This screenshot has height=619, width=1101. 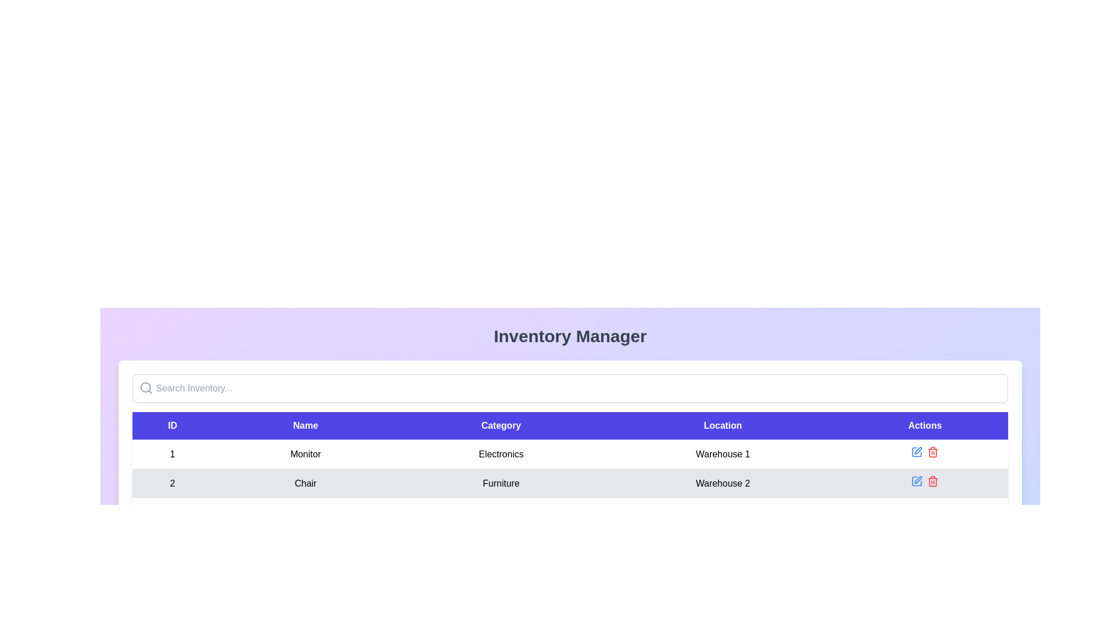 What do you see at coordinates (305, 453) in the screenshot?
I see `the label representing the name of a listed item in the first data row of the table under the 'Name' column` at bounding box center [305, 453].